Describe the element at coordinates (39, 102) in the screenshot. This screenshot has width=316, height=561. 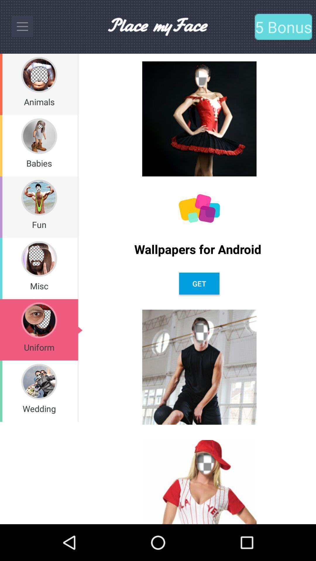
I see `animals app` at that location.